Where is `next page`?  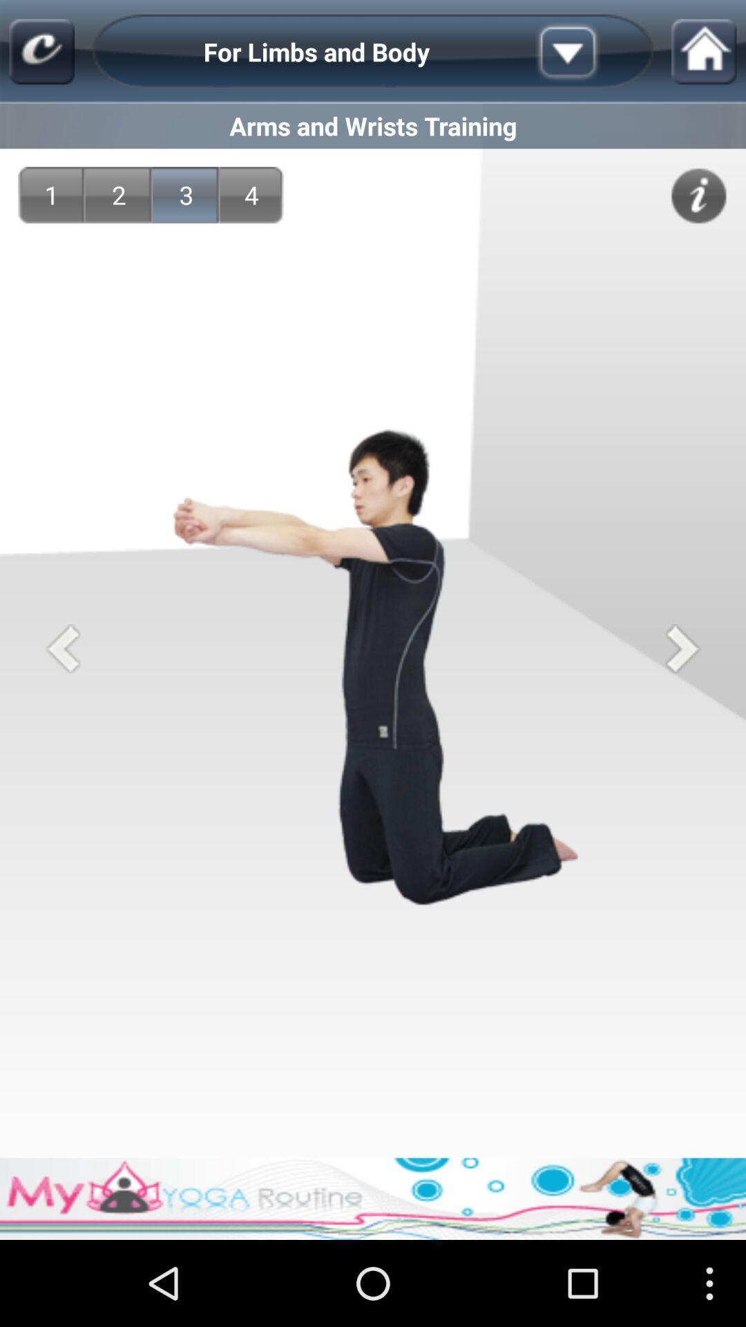 next page is located at coordinates (682, 648).